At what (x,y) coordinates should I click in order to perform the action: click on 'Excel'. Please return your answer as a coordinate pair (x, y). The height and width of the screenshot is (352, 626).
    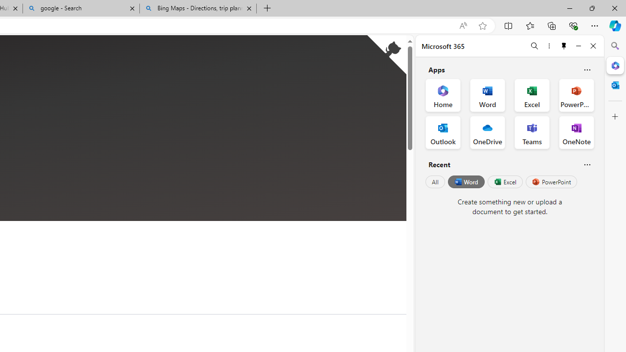
    Looking at the image, I should click on (505, 182).